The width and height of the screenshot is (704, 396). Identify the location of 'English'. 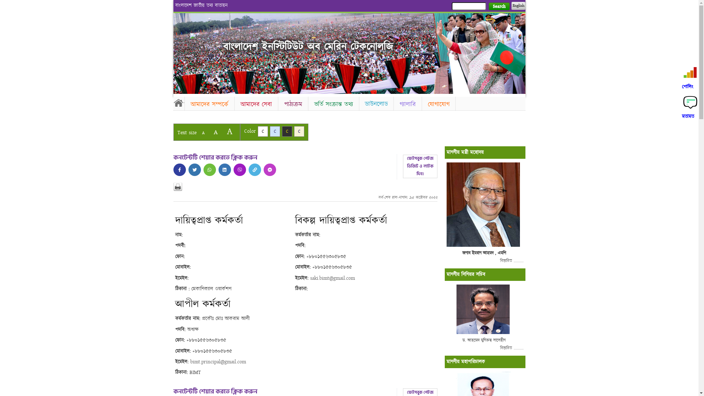
(510, 5).